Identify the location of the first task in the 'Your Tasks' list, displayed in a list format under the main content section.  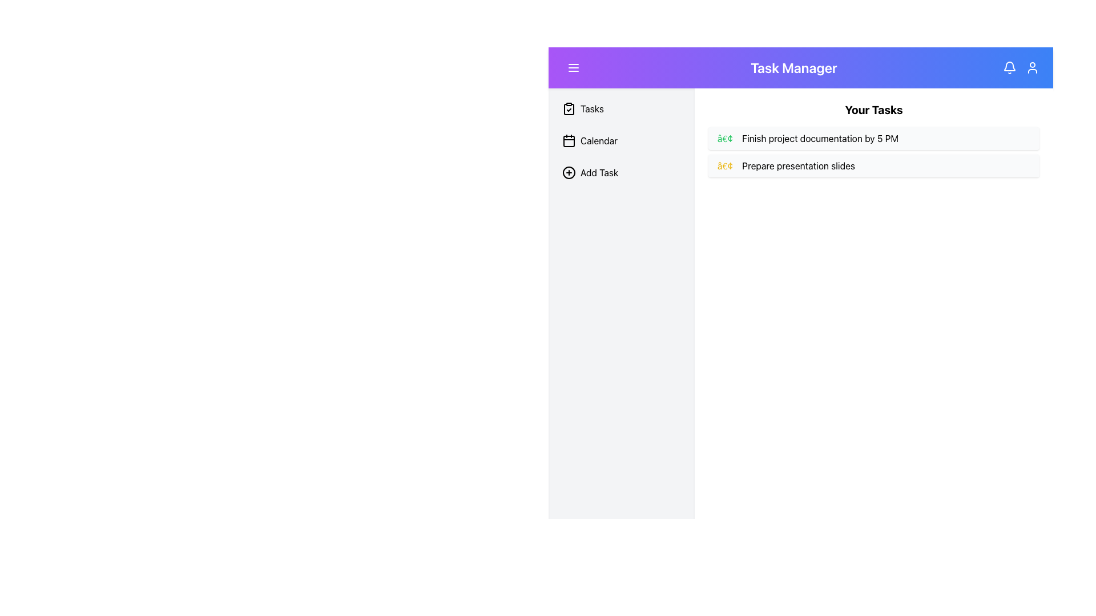
(873, 139).